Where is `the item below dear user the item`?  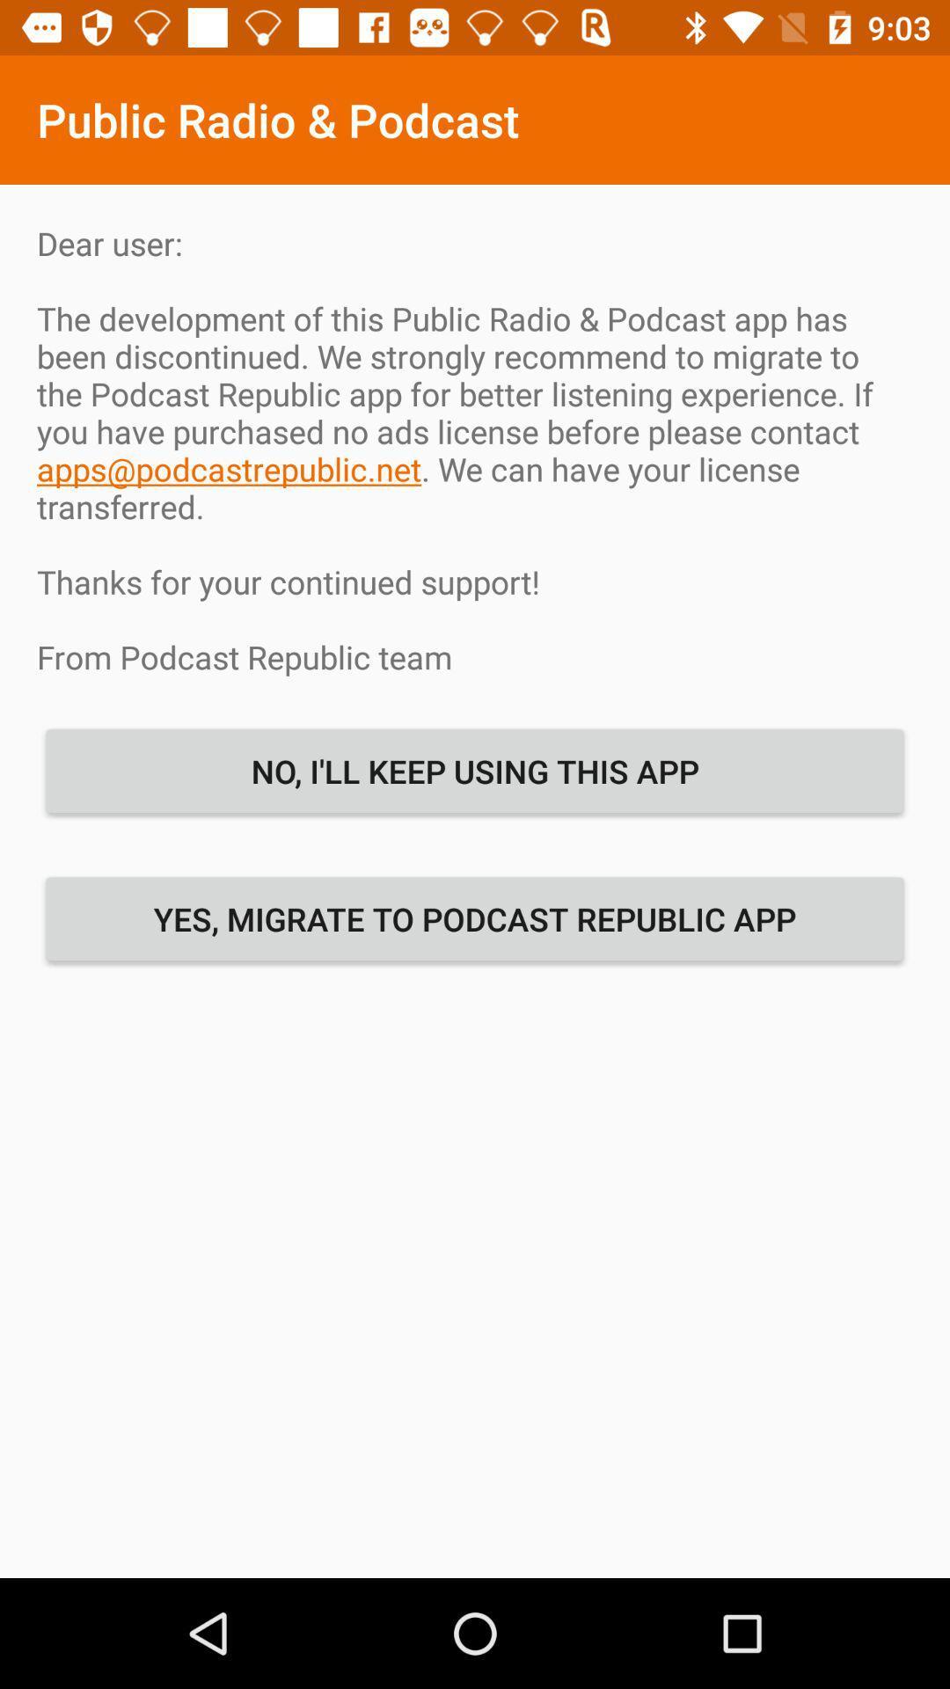 the item below dear user the item is located at coordinates (475, 771).